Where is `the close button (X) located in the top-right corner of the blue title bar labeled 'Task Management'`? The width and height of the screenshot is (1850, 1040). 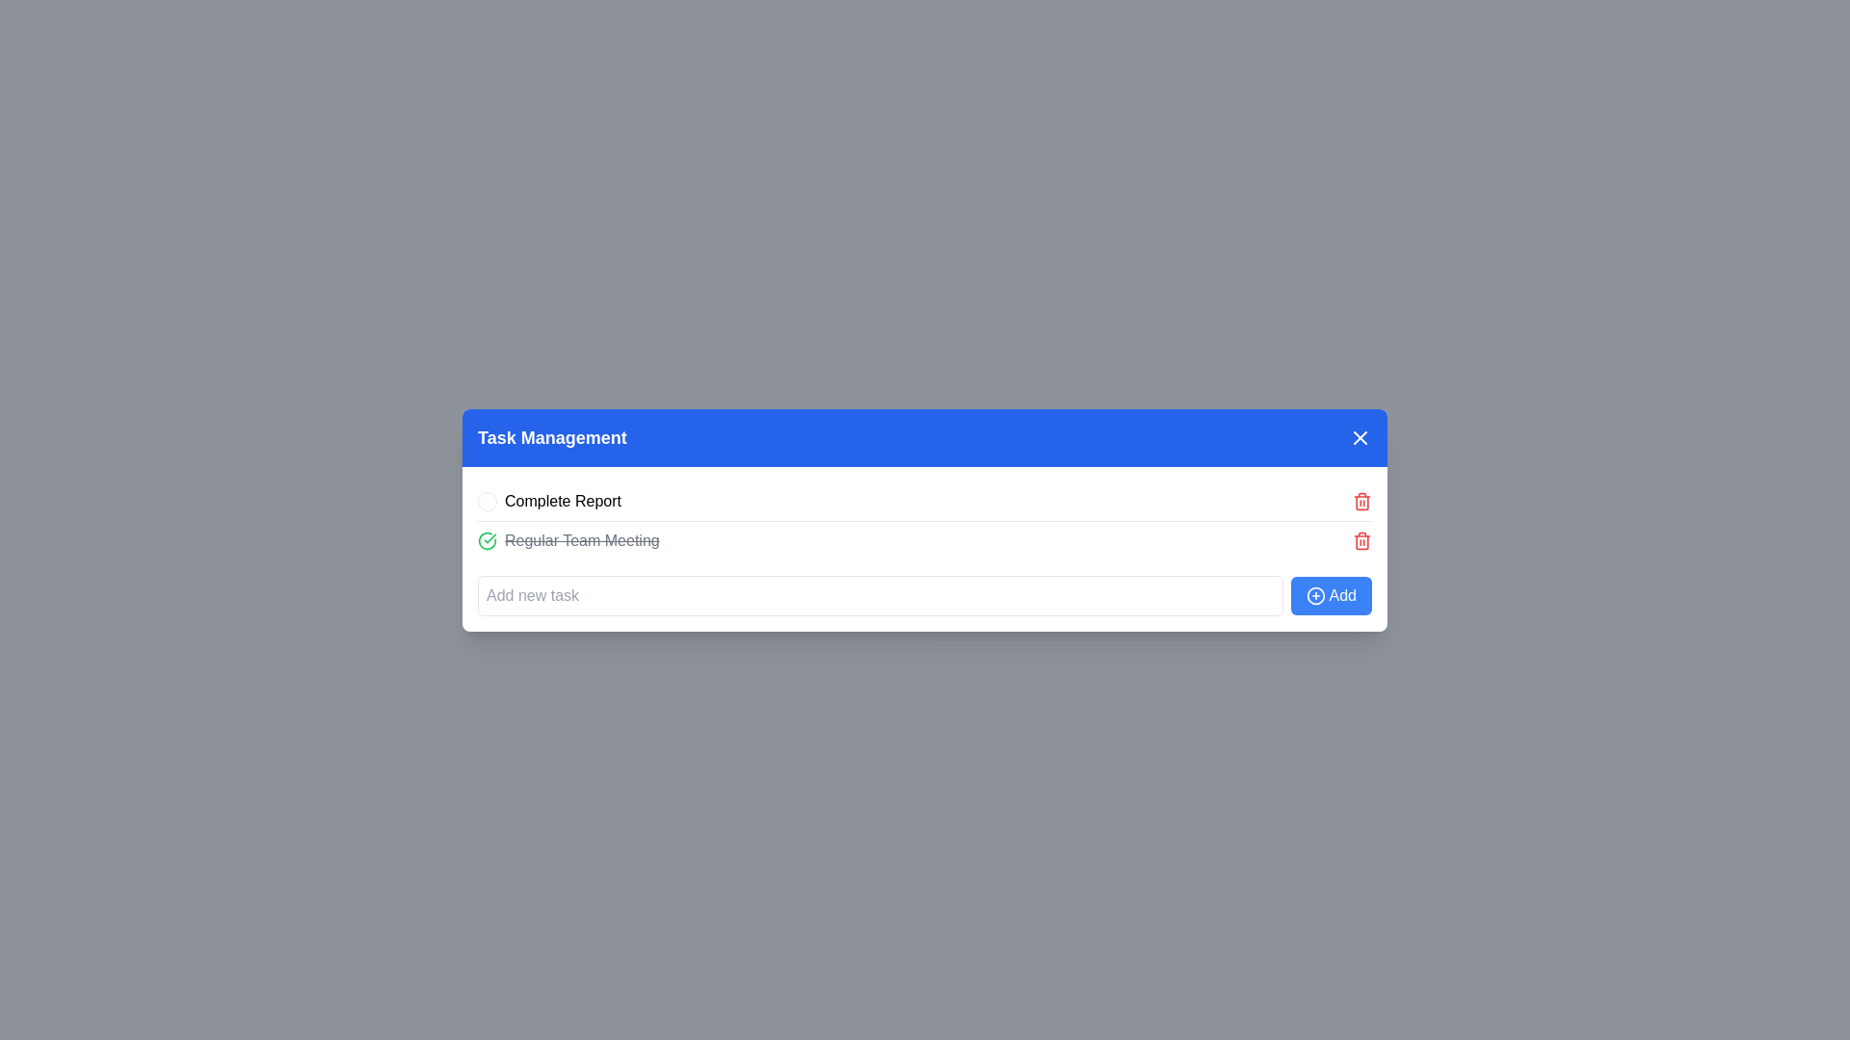 the close button (X) located in the top-right corner of the blue title bar labeled 'Task Management' is located at coordinates (1359, 437).